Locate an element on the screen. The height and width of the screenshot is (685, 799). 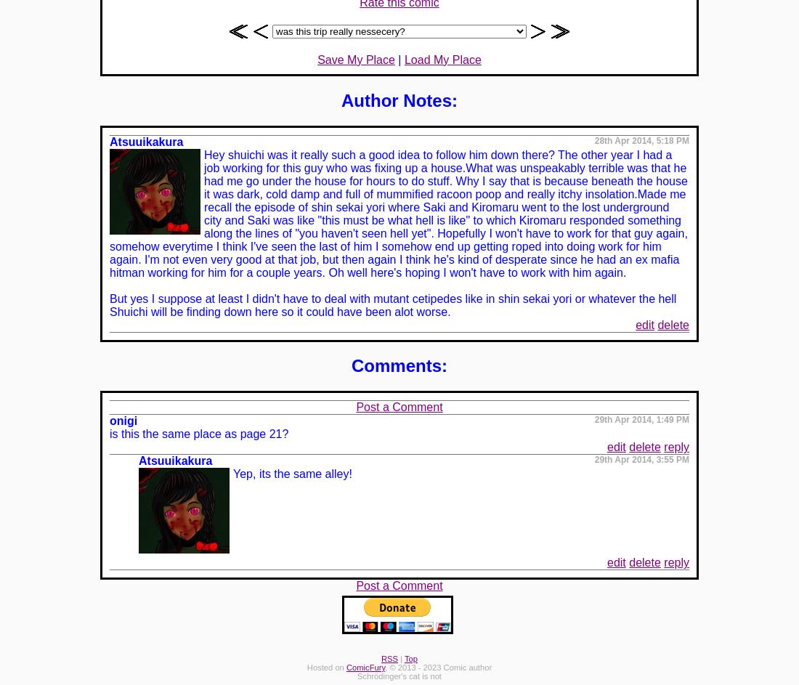
'Save My Place' is located at coordinates (356, 58).